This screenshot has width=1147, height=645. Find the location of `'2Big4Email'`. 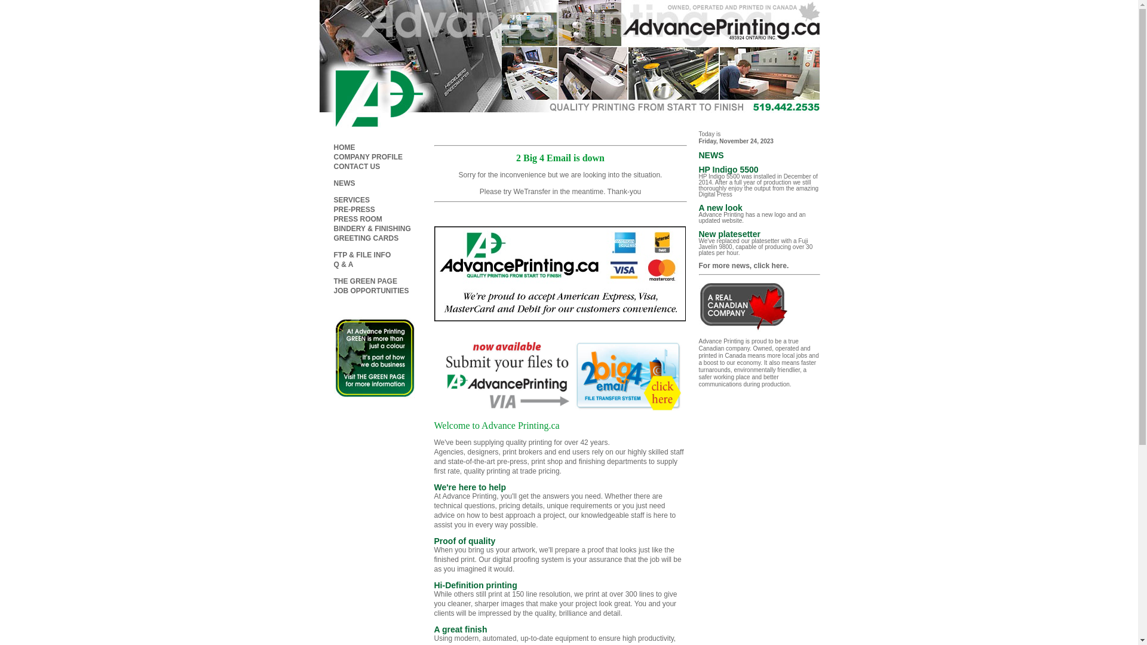

'2Big4Email' is located at coordinates (558, 375).